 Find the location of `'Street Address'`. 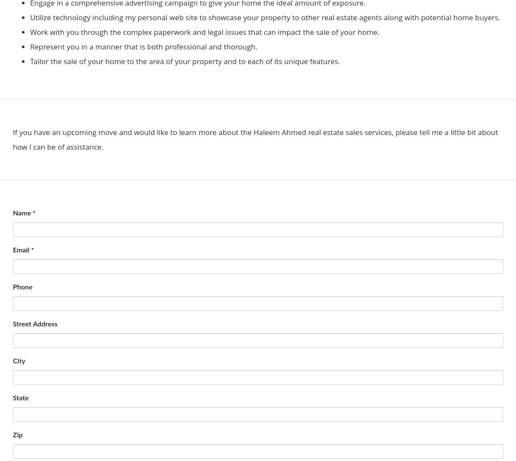

'Street Address' is located at coordinates (35, 324).